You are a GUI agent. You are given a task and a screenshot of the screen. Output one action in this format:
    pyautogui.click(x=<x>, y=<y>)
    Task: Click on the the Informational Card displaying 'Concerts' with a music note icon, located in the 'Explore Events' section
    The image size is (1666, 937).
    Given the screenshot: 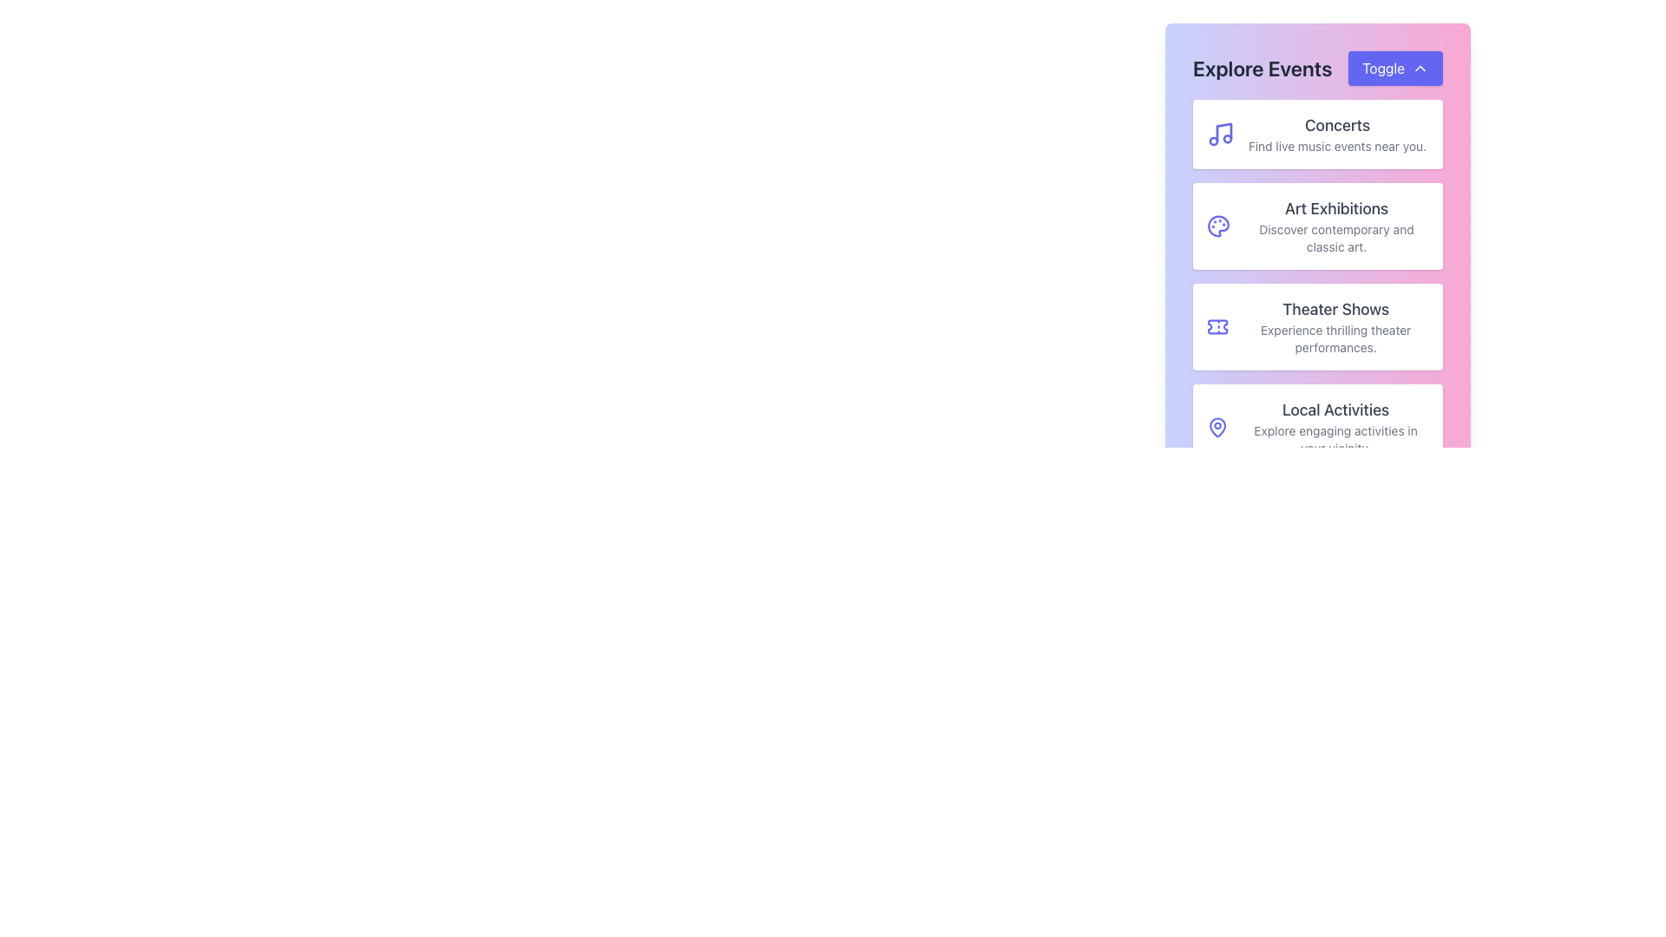 What is the action you would take?
    pyautogui.click(x=1317, y=133)
    